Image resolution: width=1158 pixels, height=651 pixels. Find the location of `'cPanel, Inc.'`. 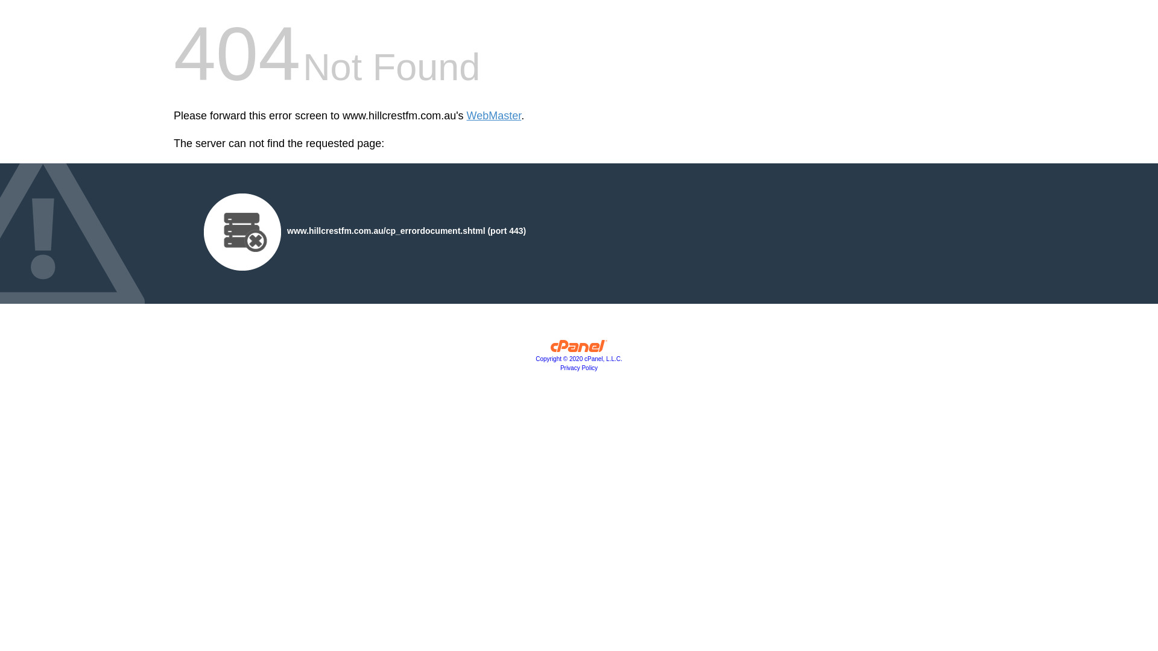

'cPanel, Inc.' is located at coordinates (549, 348).